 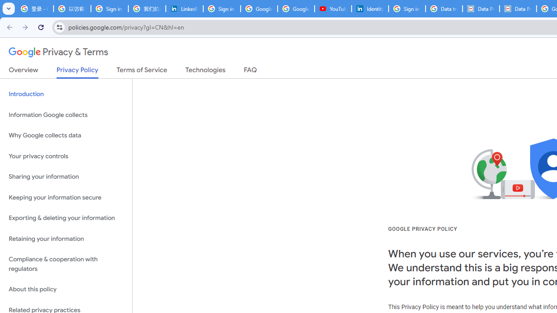 I want to click on 'Information Google collects', so click(x=66, y=114).